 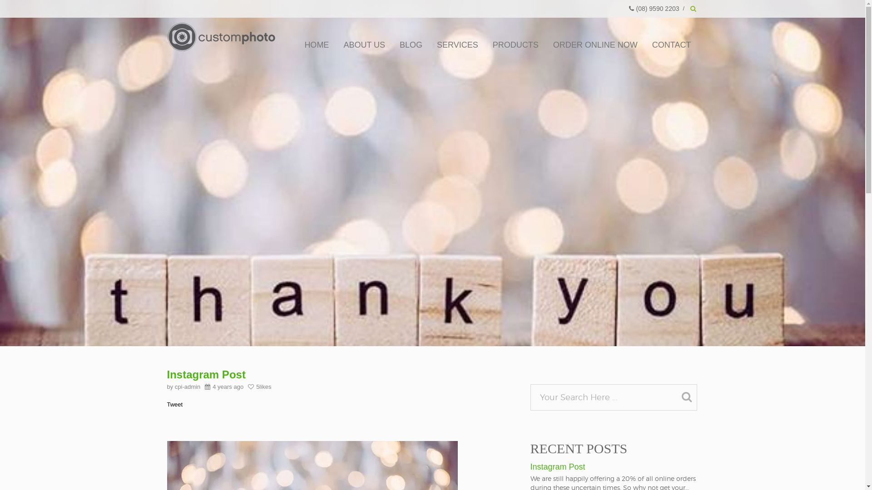 I want to click on 'HOME', so click(x=316, y=45).